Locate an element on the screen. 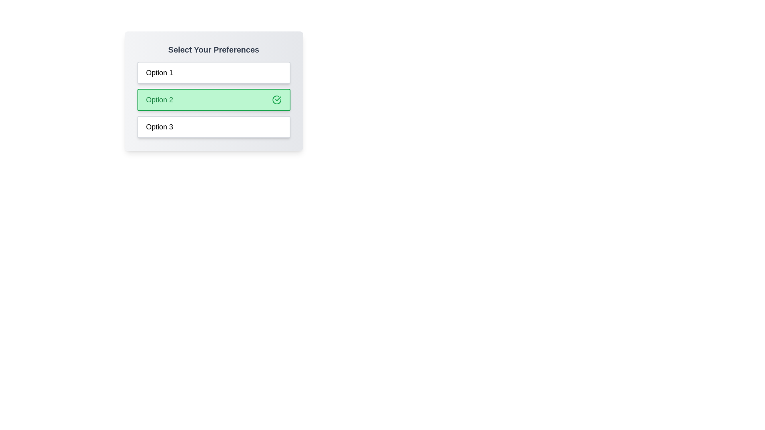 Image resolution: width=765 pixels, height=430 pixels. the header labeled 'Select Your Preferences' is located at coordinates (214, 49).